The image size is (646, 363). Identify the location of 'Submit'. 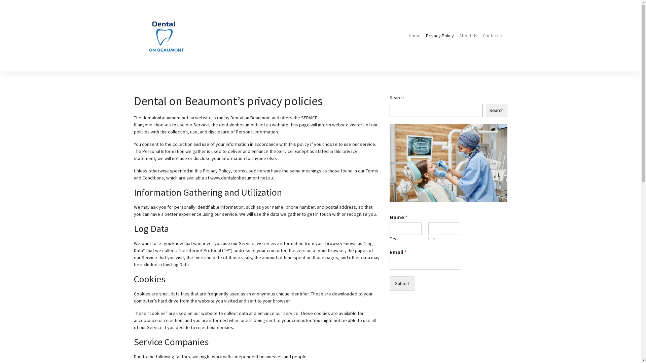
(402, 283).